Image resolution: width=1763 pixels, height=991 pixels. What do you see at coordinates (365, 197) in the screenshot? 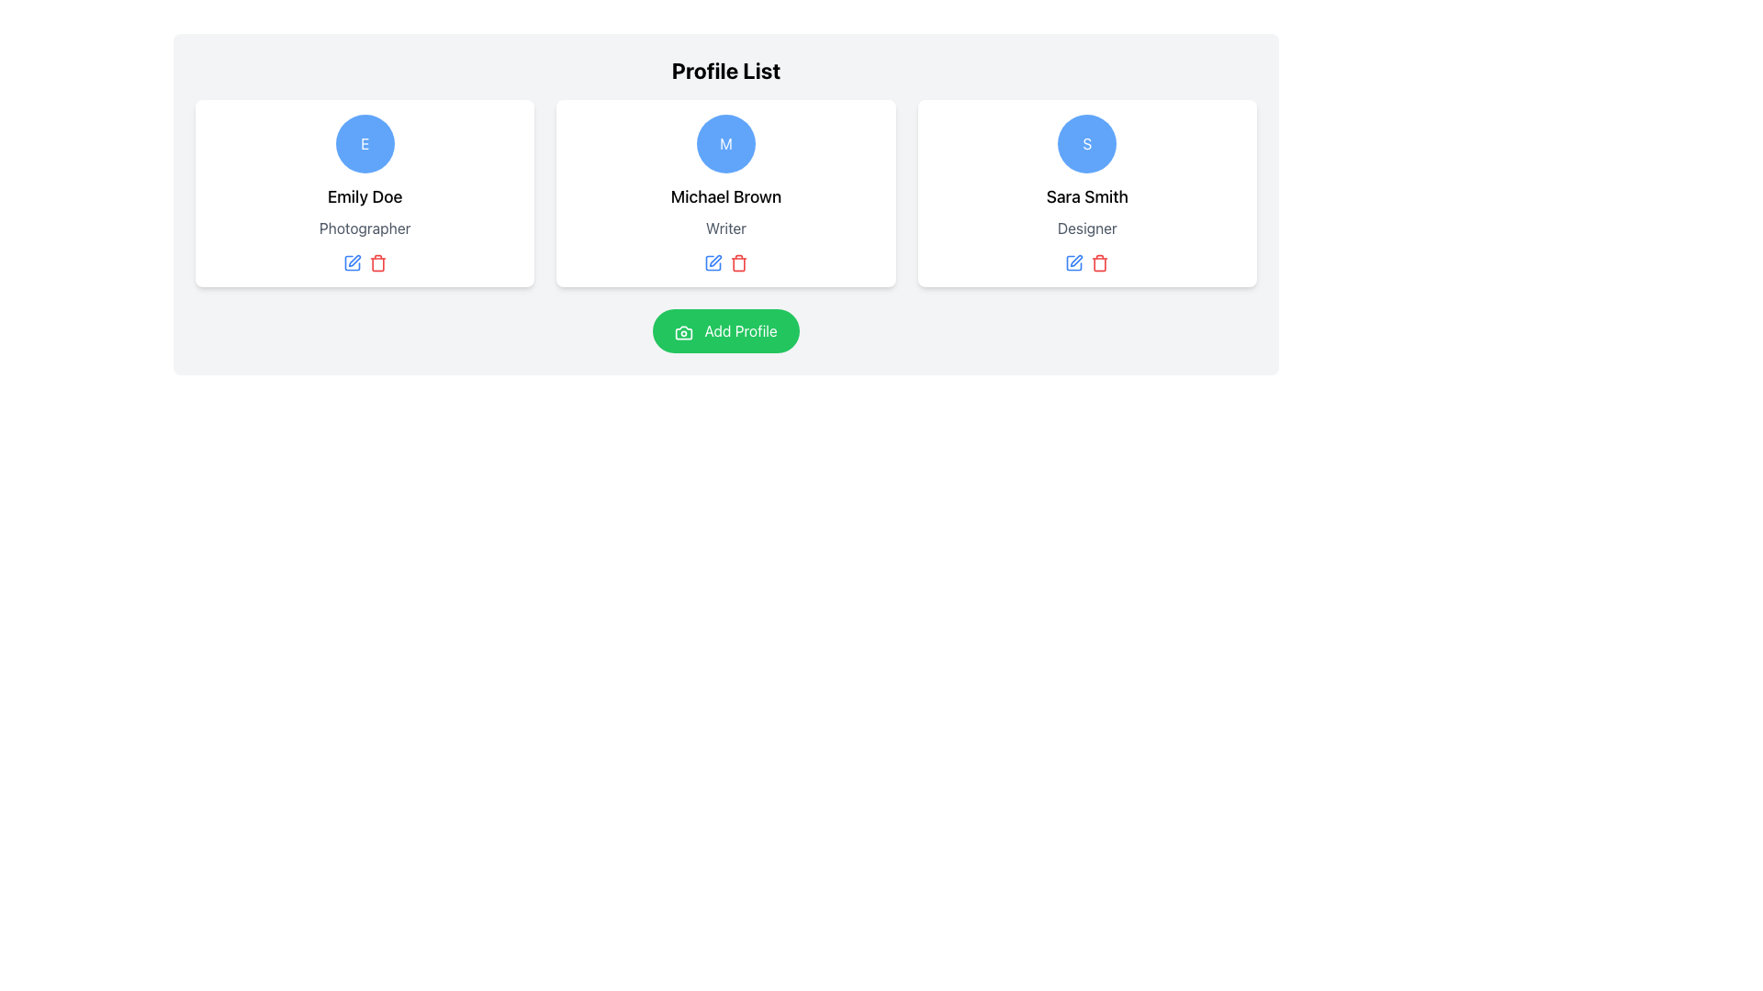
I see `the static text display element indicating the user's name, which is located in the leftmost card below the icon with 'E' and above the text 'Photographer.'` at bounding box center [365, 197].